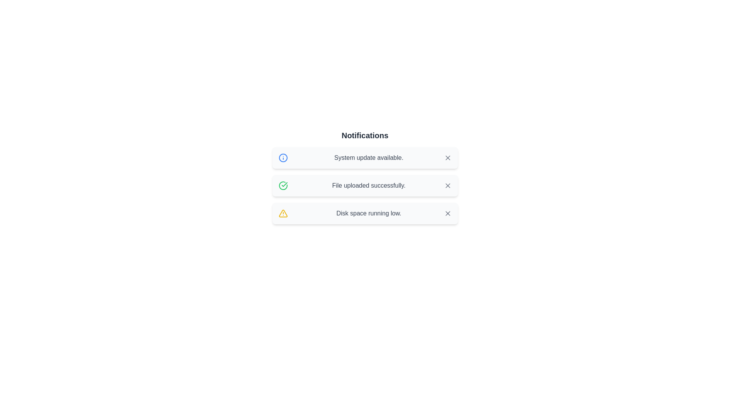 The image size is (742, 417). I want to click on message text of the Notification Card indicating low disk space, which is the third notification in the vertically stacked list of three notifications, so click(364, 213).